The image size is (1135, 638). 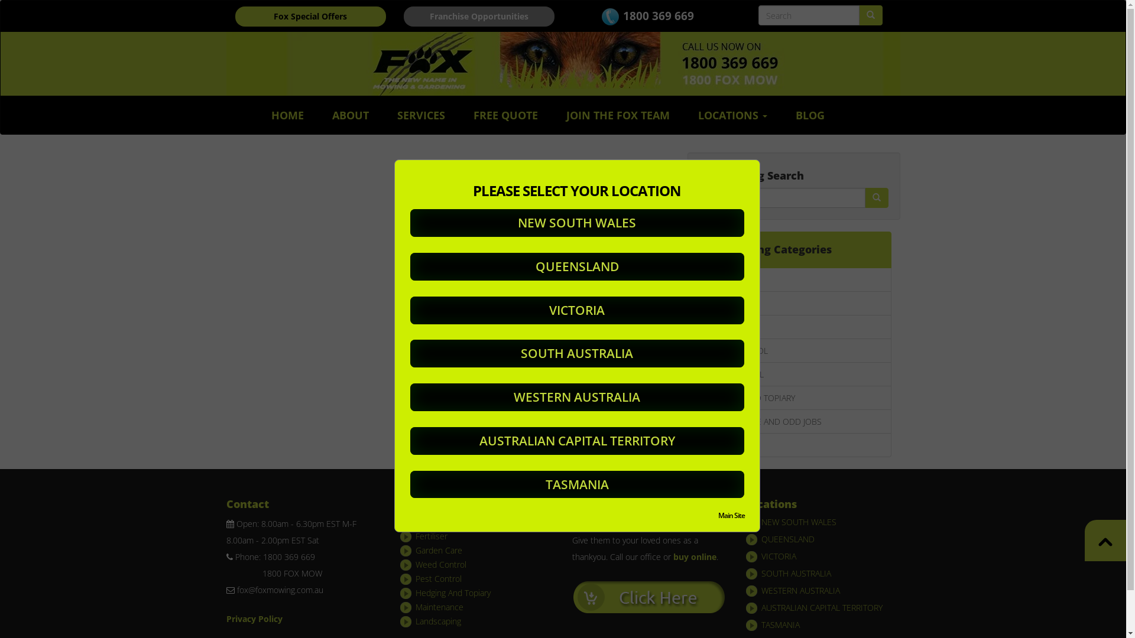 What do you see at coordinates (437, 620) in the screenshot?
I see `'Landscaping'` at bounding box center [437, 620].